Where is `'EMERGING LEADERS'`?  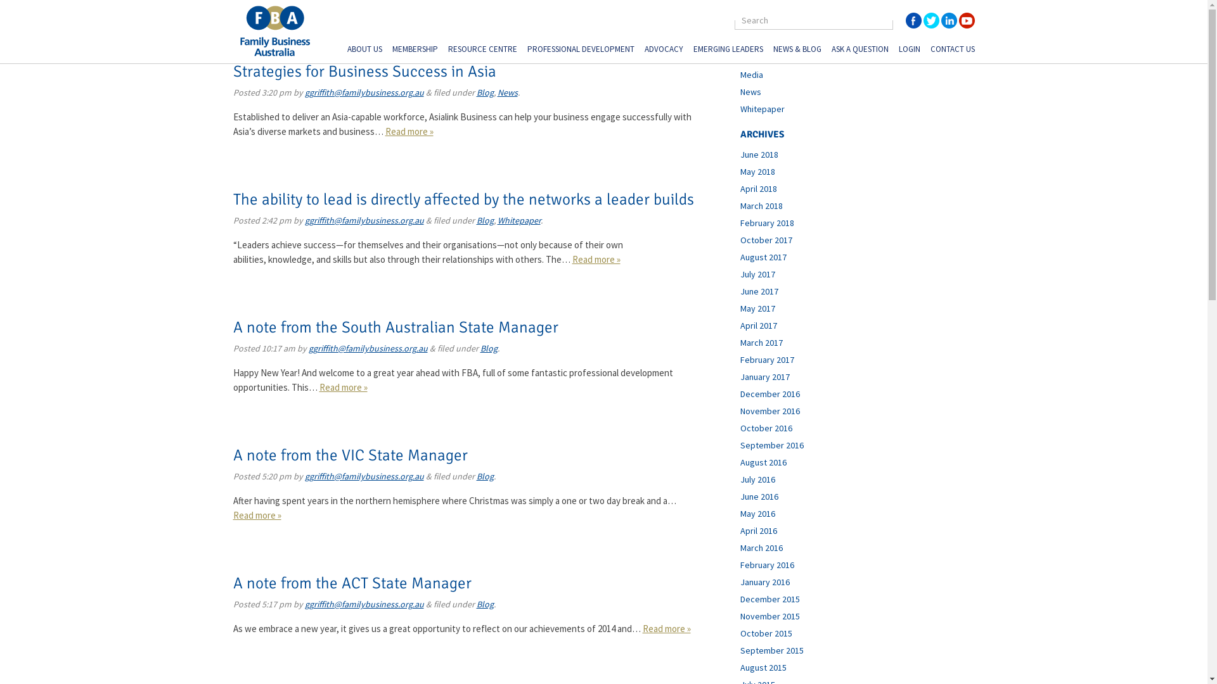
'EMERGING LEADERS' is located at coordinates (693, 50).